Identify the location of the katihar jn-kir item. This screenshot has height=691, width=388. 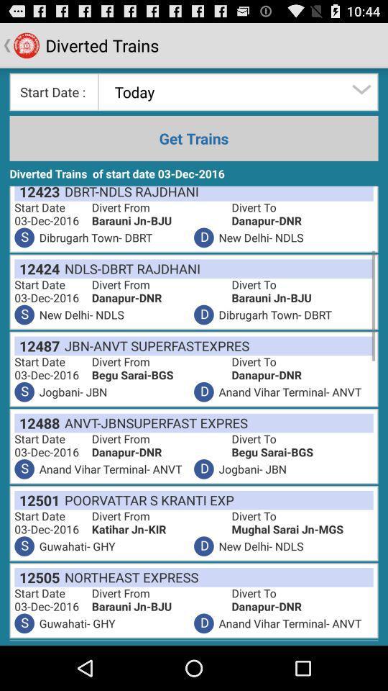
(160, 528).